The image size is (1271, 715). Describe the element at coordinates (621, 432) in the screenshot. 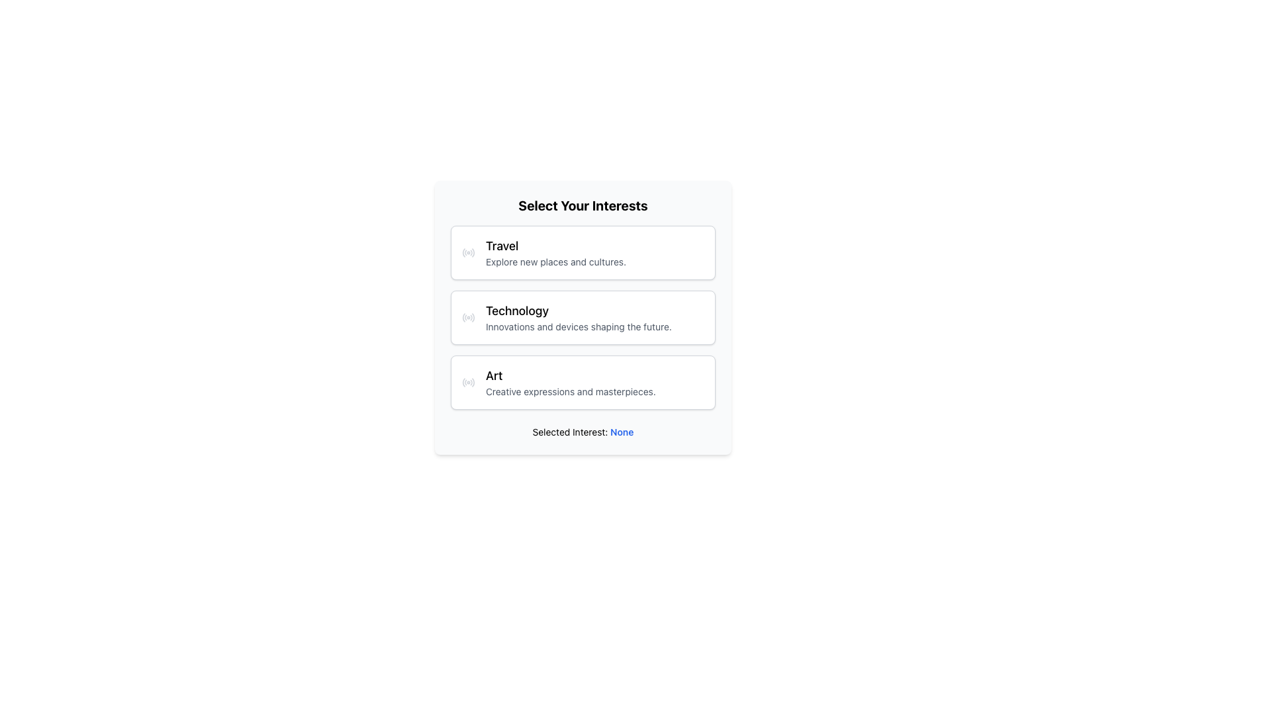

I see `text displayed in the Text label that indicates the currently selected interest, which is 'None'` at that location.